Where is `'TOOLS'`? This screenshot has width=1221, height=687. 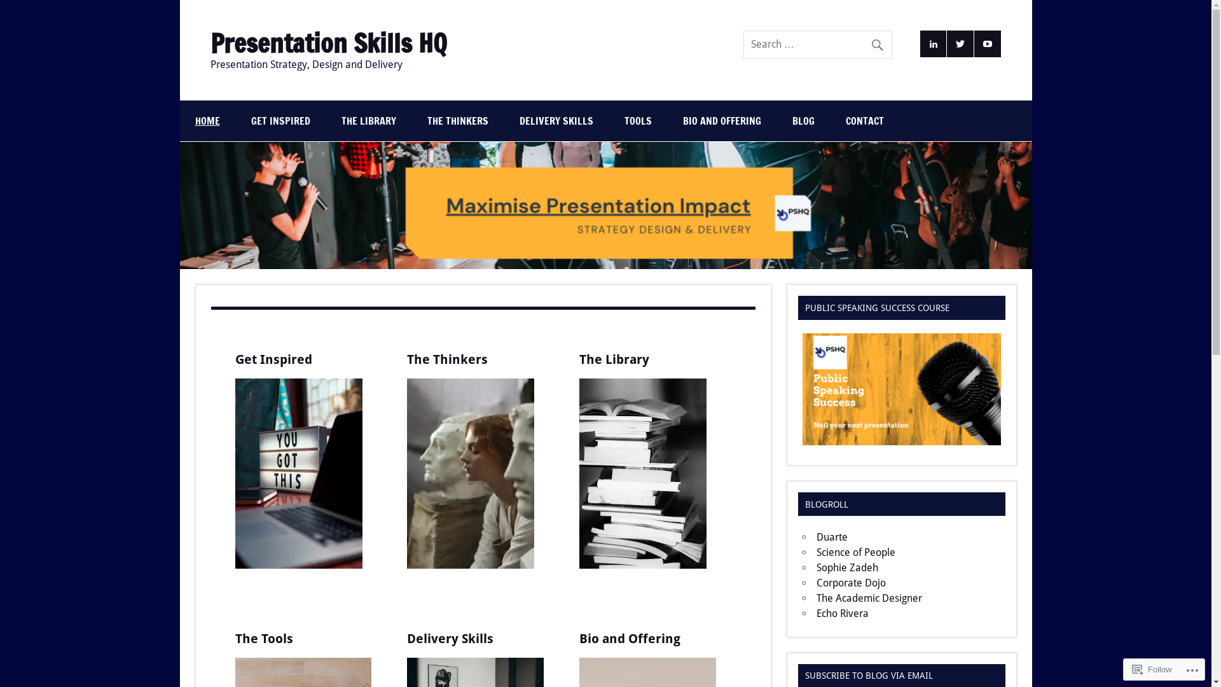
'TOOLS' is located at coordinates (638, 120).